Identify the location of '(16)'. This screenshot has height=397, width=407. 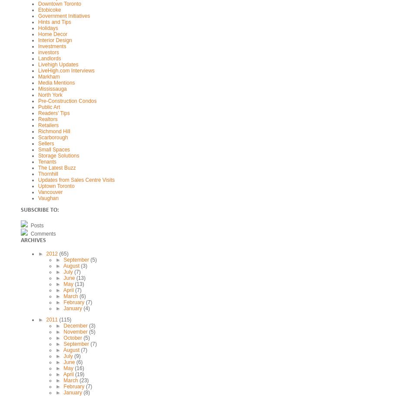
(74, 368).